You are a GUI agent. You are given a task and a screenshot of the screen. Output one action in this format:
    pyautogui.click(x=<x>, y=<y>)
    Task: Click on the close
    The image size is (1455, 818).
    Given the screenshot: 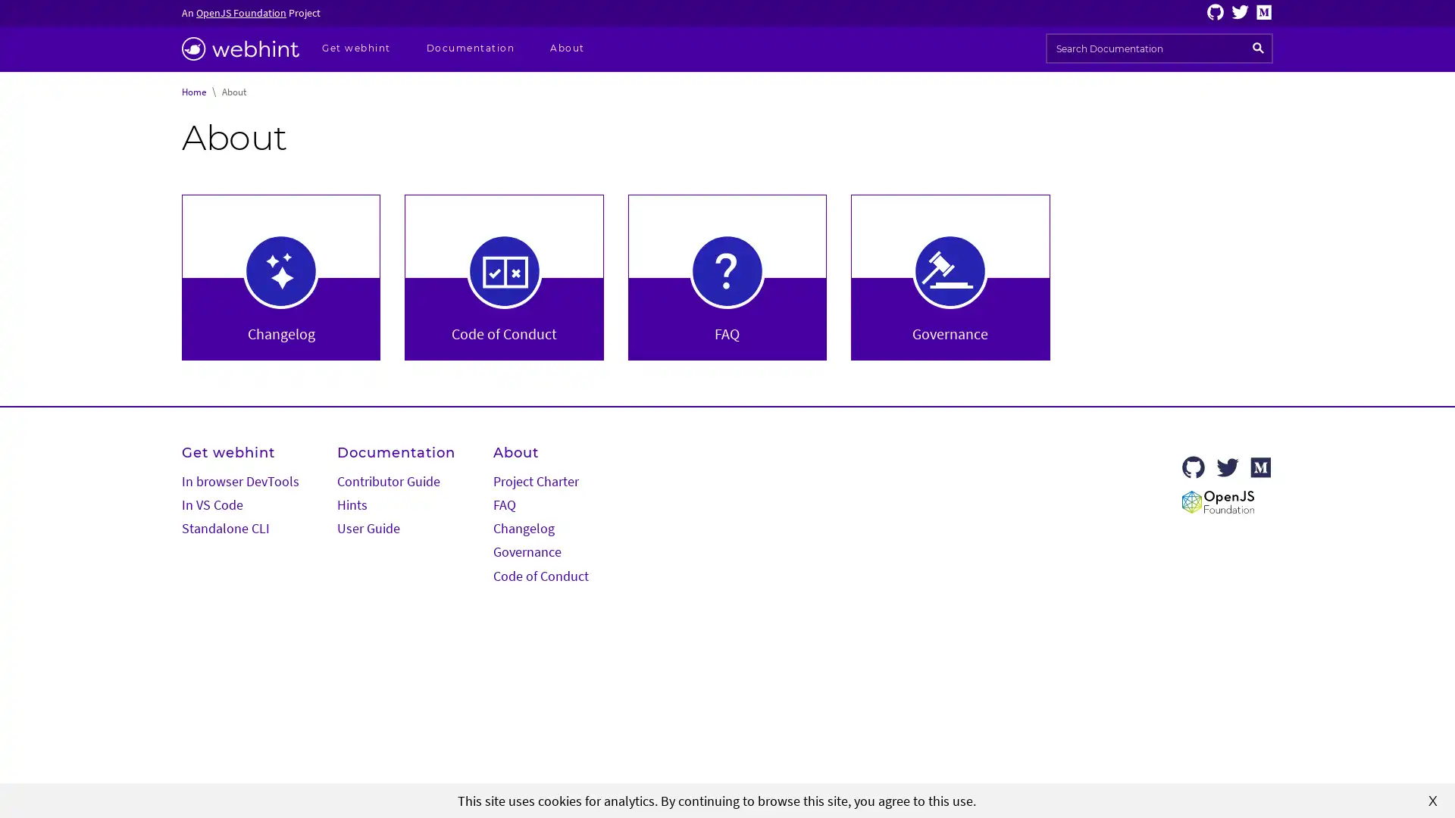 What is the action you would take?
    pyautogui.click(x=1432, y=799)
    